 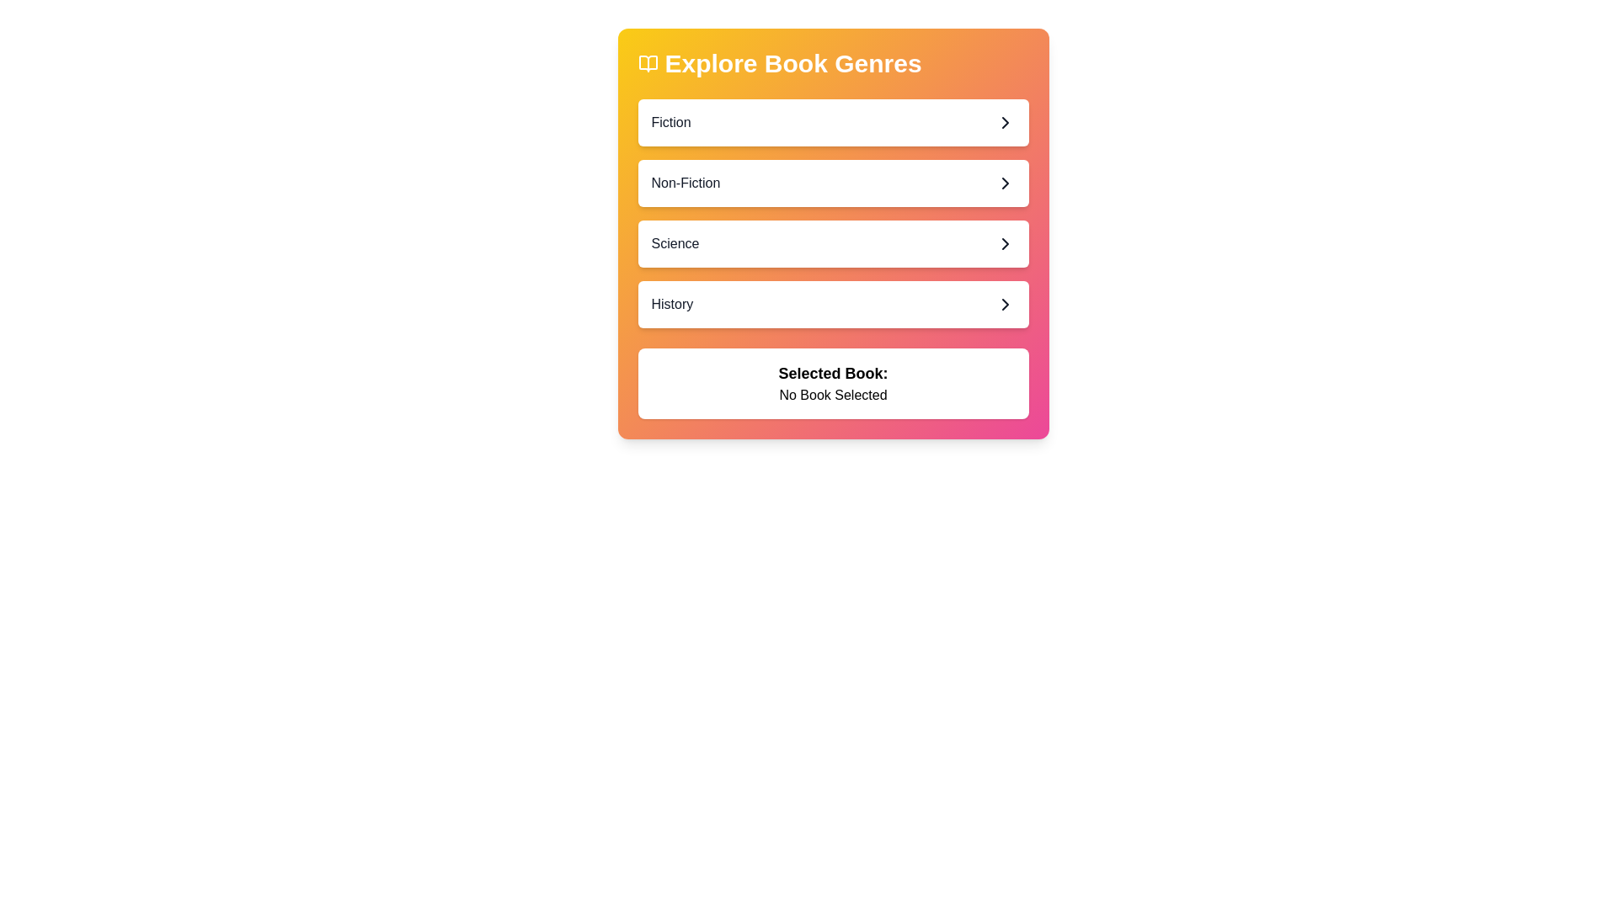 I want to click on the rightward-facing chevron icon indicating navigation within the 'Fiction' option in the 'Explore Book Genres' section, so click(x=1005, y=122).